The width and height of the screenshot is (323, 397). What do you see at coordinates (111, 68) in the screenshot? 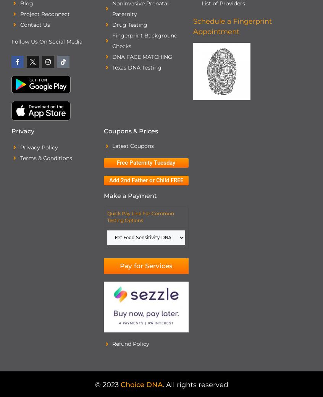
I see `'Texas DNA Testing'` at bounding box center [111, 68].